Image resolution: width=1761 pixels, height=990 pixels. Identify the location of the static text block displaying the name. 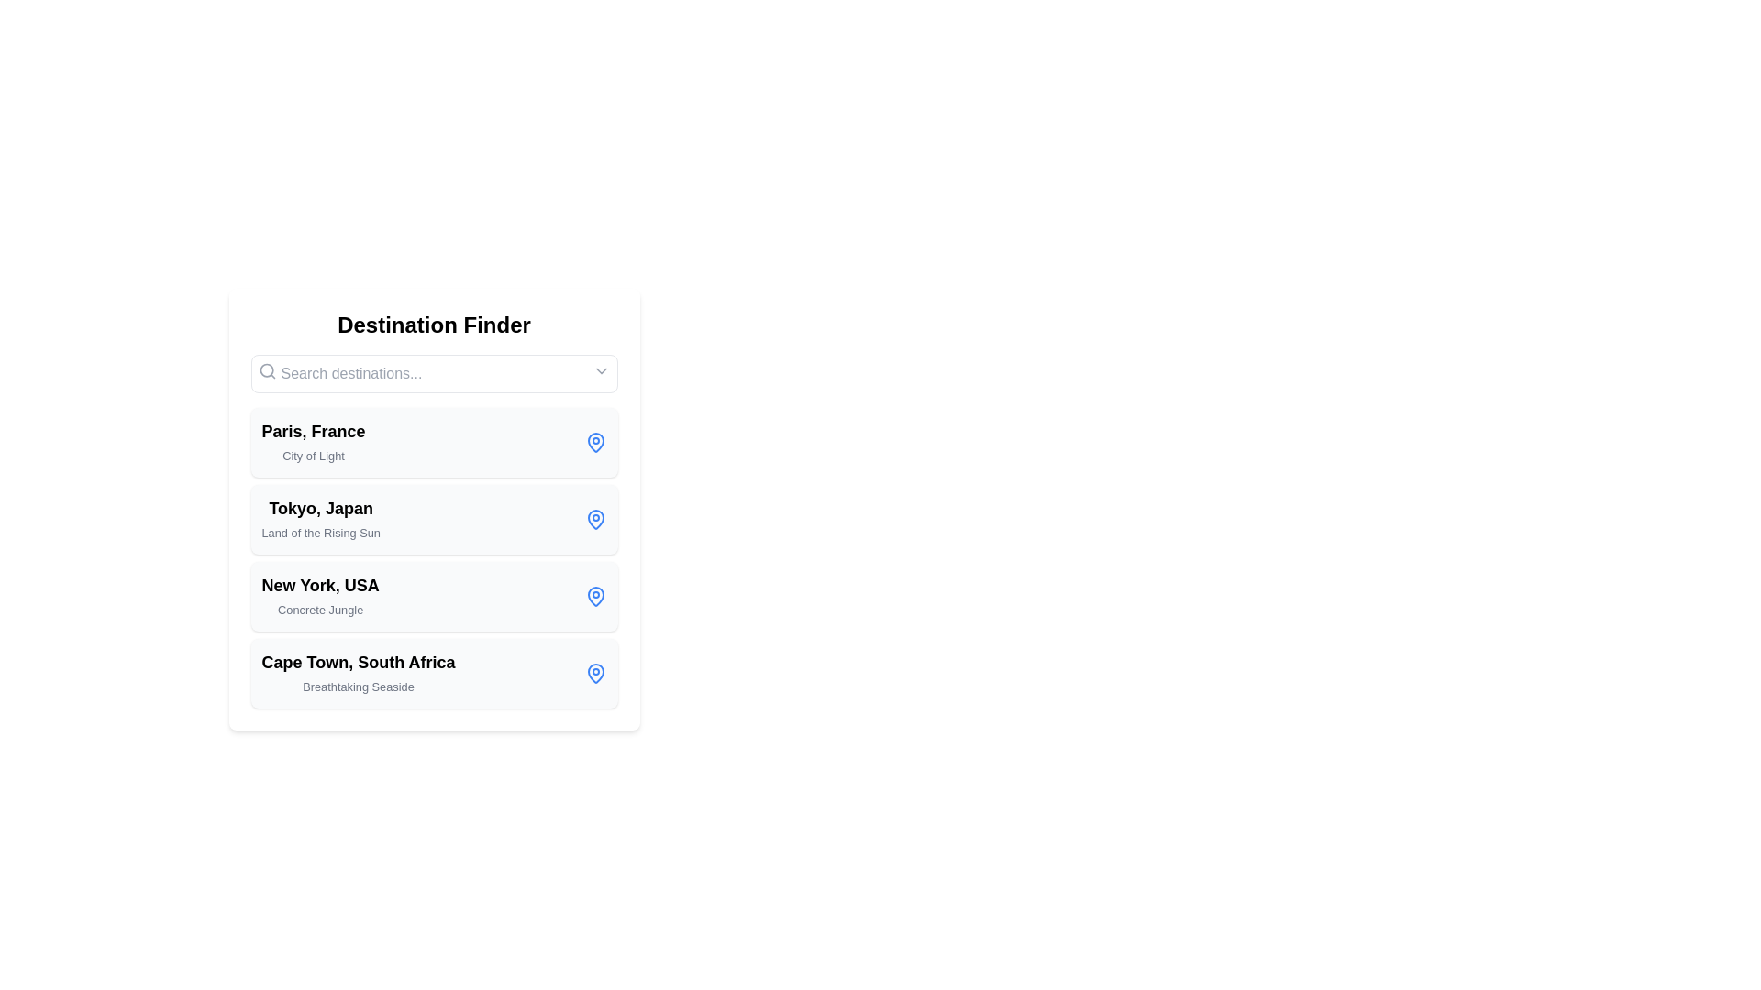
(313, 442).